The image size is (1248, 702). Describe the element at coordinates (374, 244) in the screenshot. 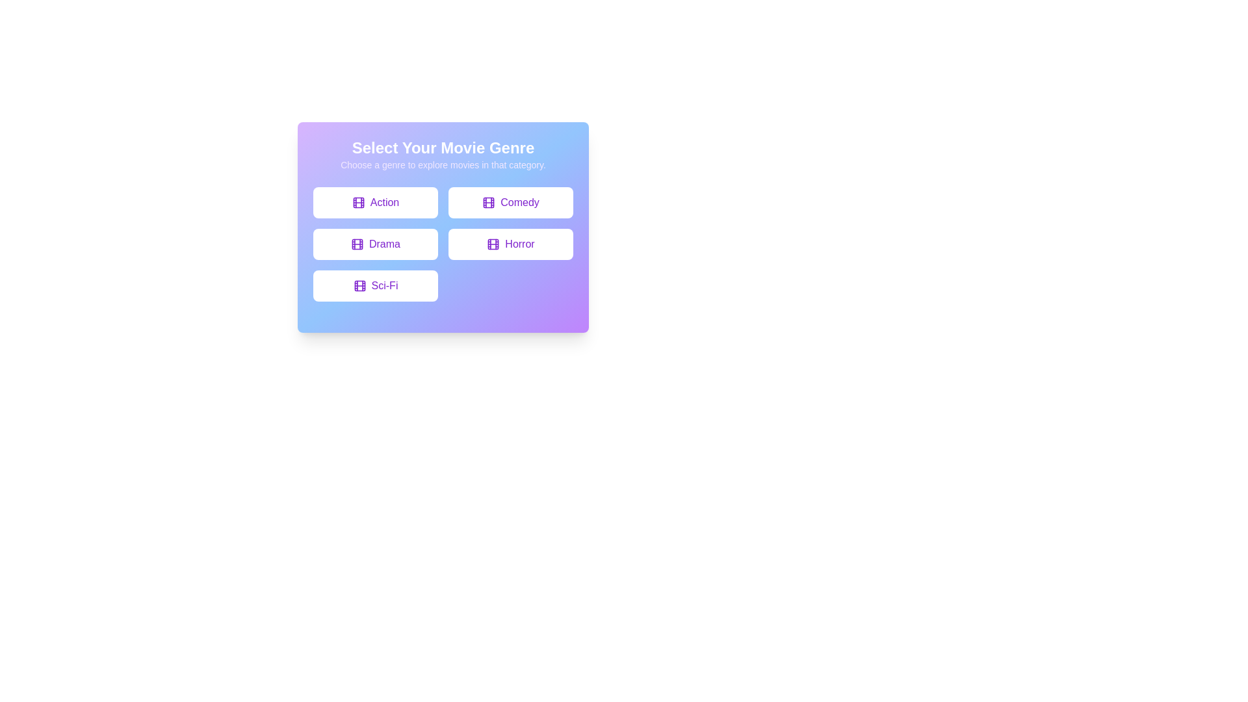

I see `the button labeled Drama` at that location.